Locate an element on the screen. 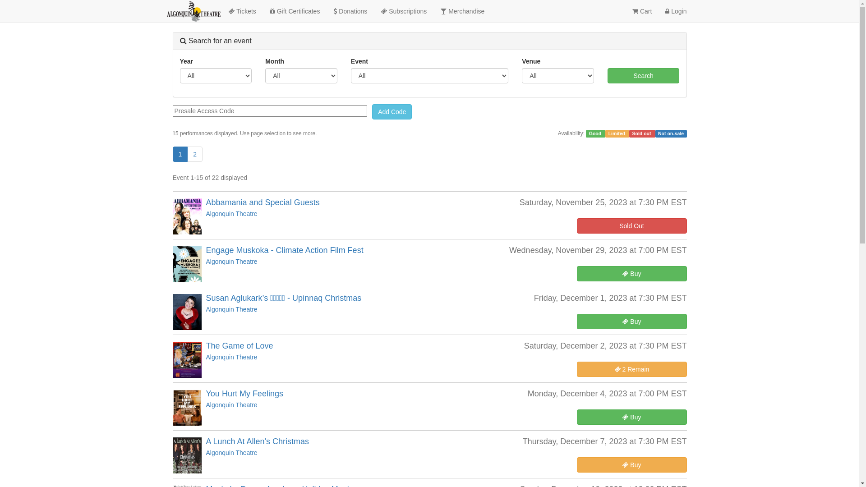 Image resolution: width=866 pixels, height=487 pixels. 'Login' is located at coordinates (676, 11).